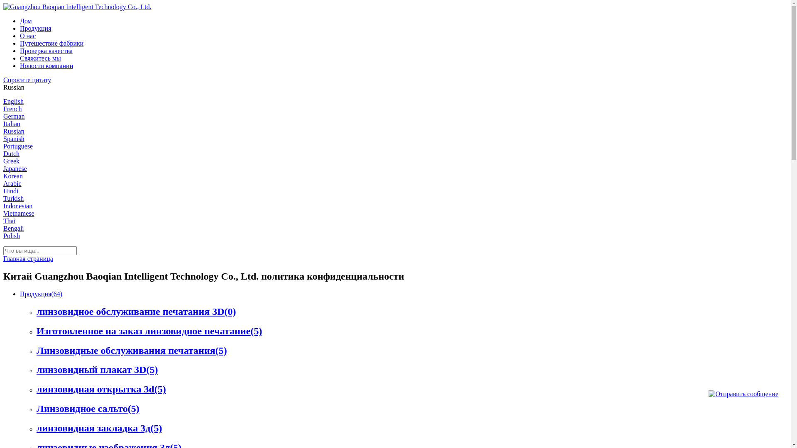 This screenshot has width=797, height=448. What do you see at coordinates (14, 228) in the screenshot?
I see `'Bengali'` at bounding box center [14, 228].